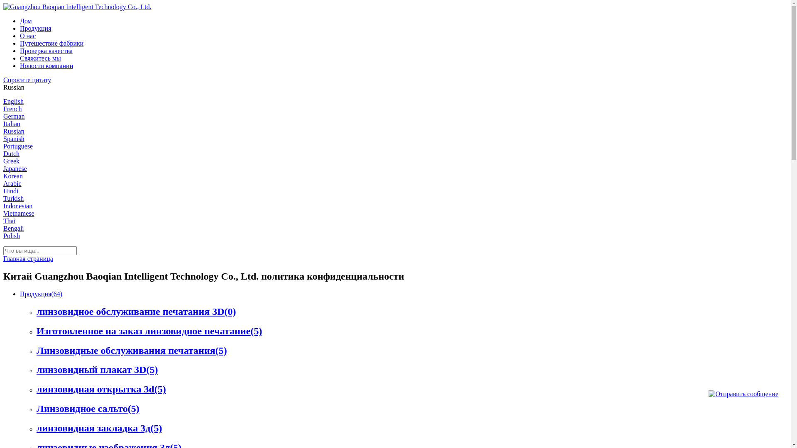 This screenshot has width=797, height=448. What do you see at coordinates (14, 228) in the screenshot?
I see `'Bengali'` at bounding box center [14, 228].